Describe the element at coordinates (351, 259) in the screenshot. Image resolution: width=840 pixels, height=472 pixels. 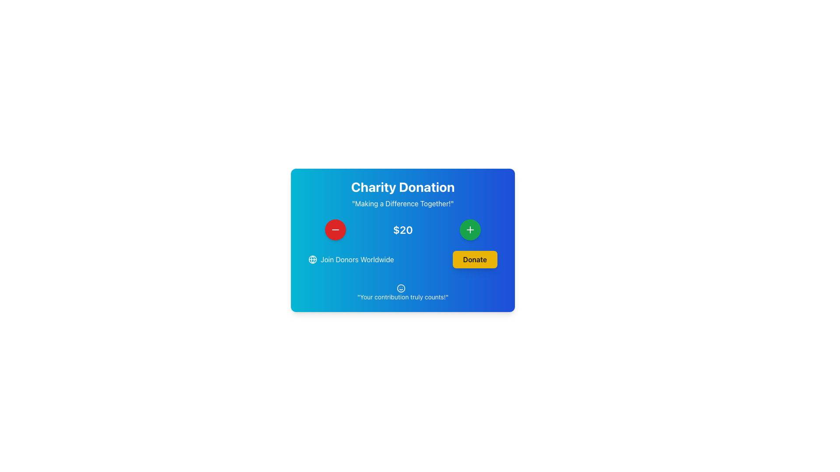
I see `the 'Join Donors Worldwide' text with globe icon, which is located in the bottom-left area of the interface and is to the left of the yellow 'Donate' button` at that location.